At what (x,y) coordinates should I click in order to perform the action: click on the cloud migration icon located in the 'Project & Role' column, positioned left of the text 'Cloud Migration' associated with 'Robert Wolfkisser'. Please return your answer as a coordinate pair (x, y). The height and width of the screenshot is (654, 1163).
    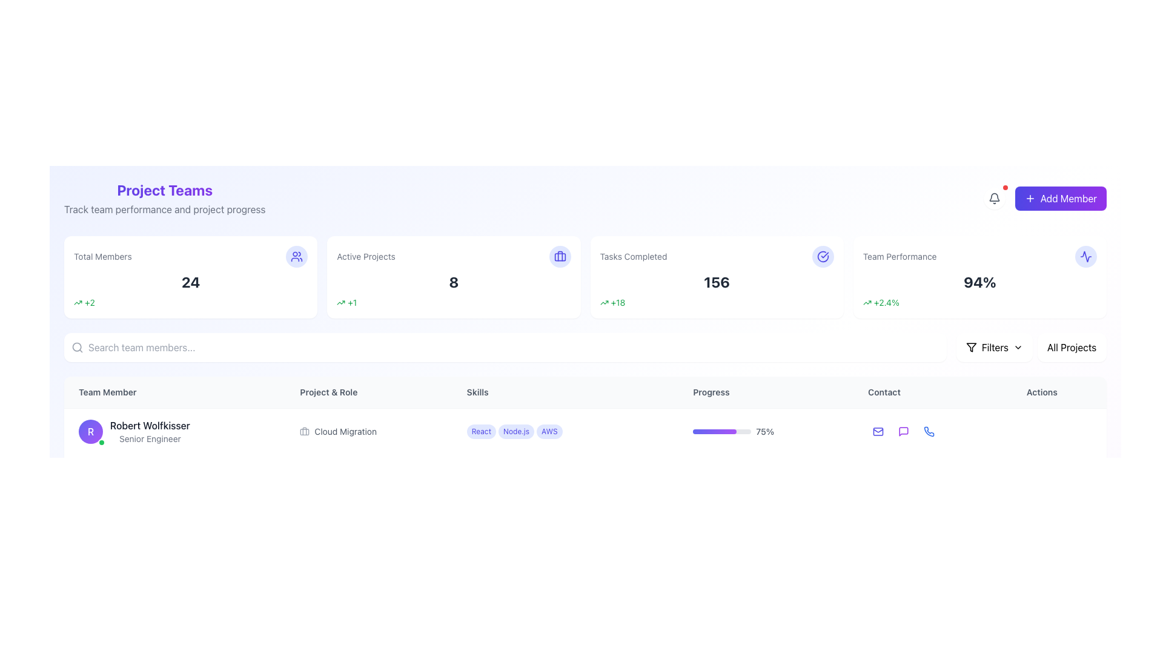
    Looking at the image, I should click on (305, 431).